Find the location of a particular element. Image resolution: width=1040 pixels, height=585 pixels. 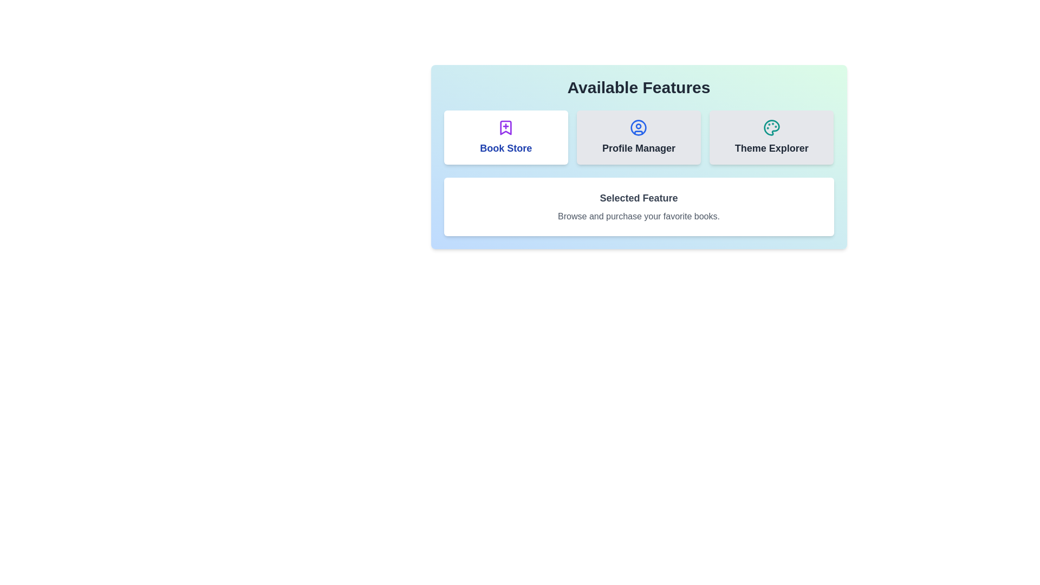

the second interactive card in the three-column grid under 'Available Features' is located at coordinates (639, 137).